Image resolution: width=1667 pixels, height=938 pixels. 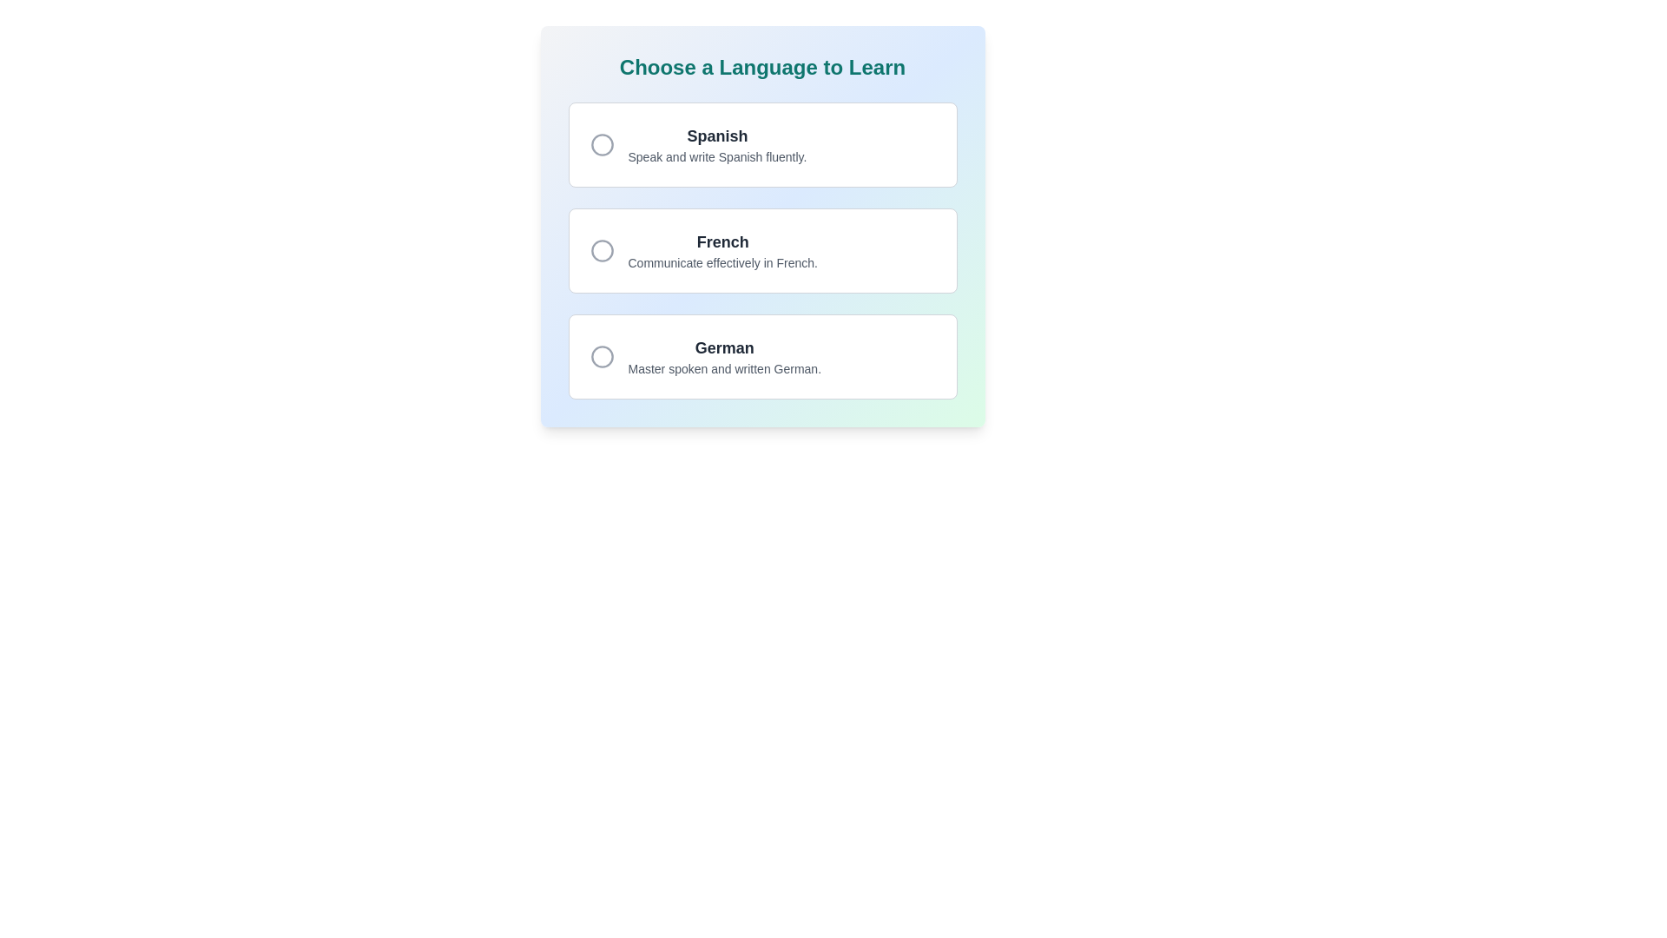 What do you see at coordinates (602, 143) in the screenshot?
I see `the Circular Icon associated with the 'Spanish' language option, which is positioned on the far left among three language choices` at bounding box center [602, 143].